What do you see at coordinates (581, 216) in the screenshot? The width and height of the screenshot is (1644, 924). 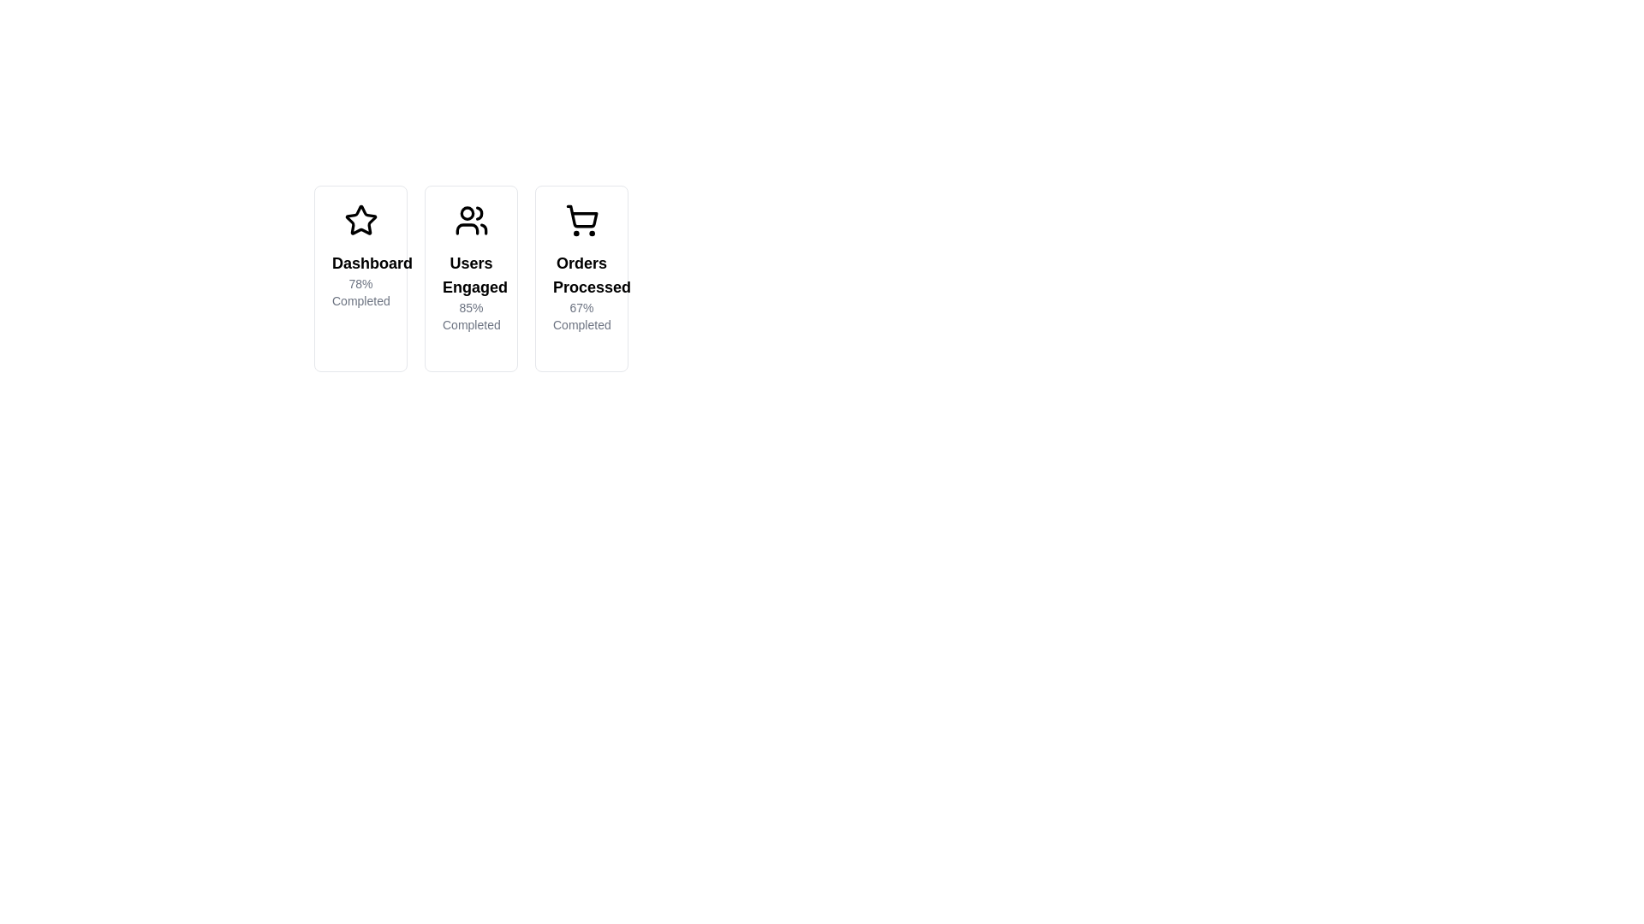 I see `the shopping cart basket portion of the SVG graphic element that visually represents the shopping cart icon, located in the third card from the left` at bounding box center [581, 216].